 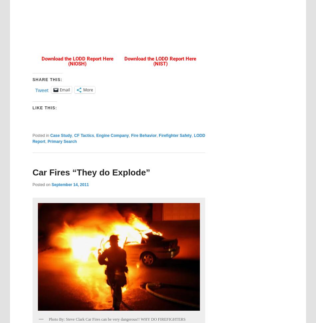 I want to click on 'CF Tactics', so click(x=83, y=135).